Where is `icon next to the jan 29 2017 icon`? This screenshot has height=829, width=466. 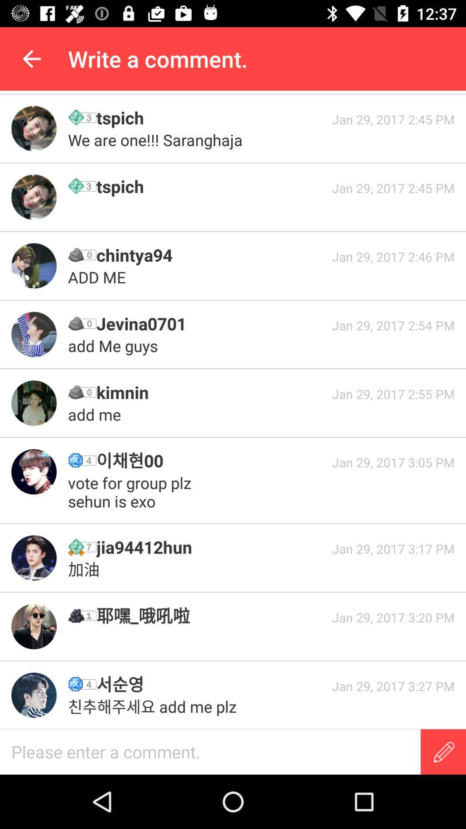
icon next to the jan 29 2017 icon is located at coordinates (211, 323).